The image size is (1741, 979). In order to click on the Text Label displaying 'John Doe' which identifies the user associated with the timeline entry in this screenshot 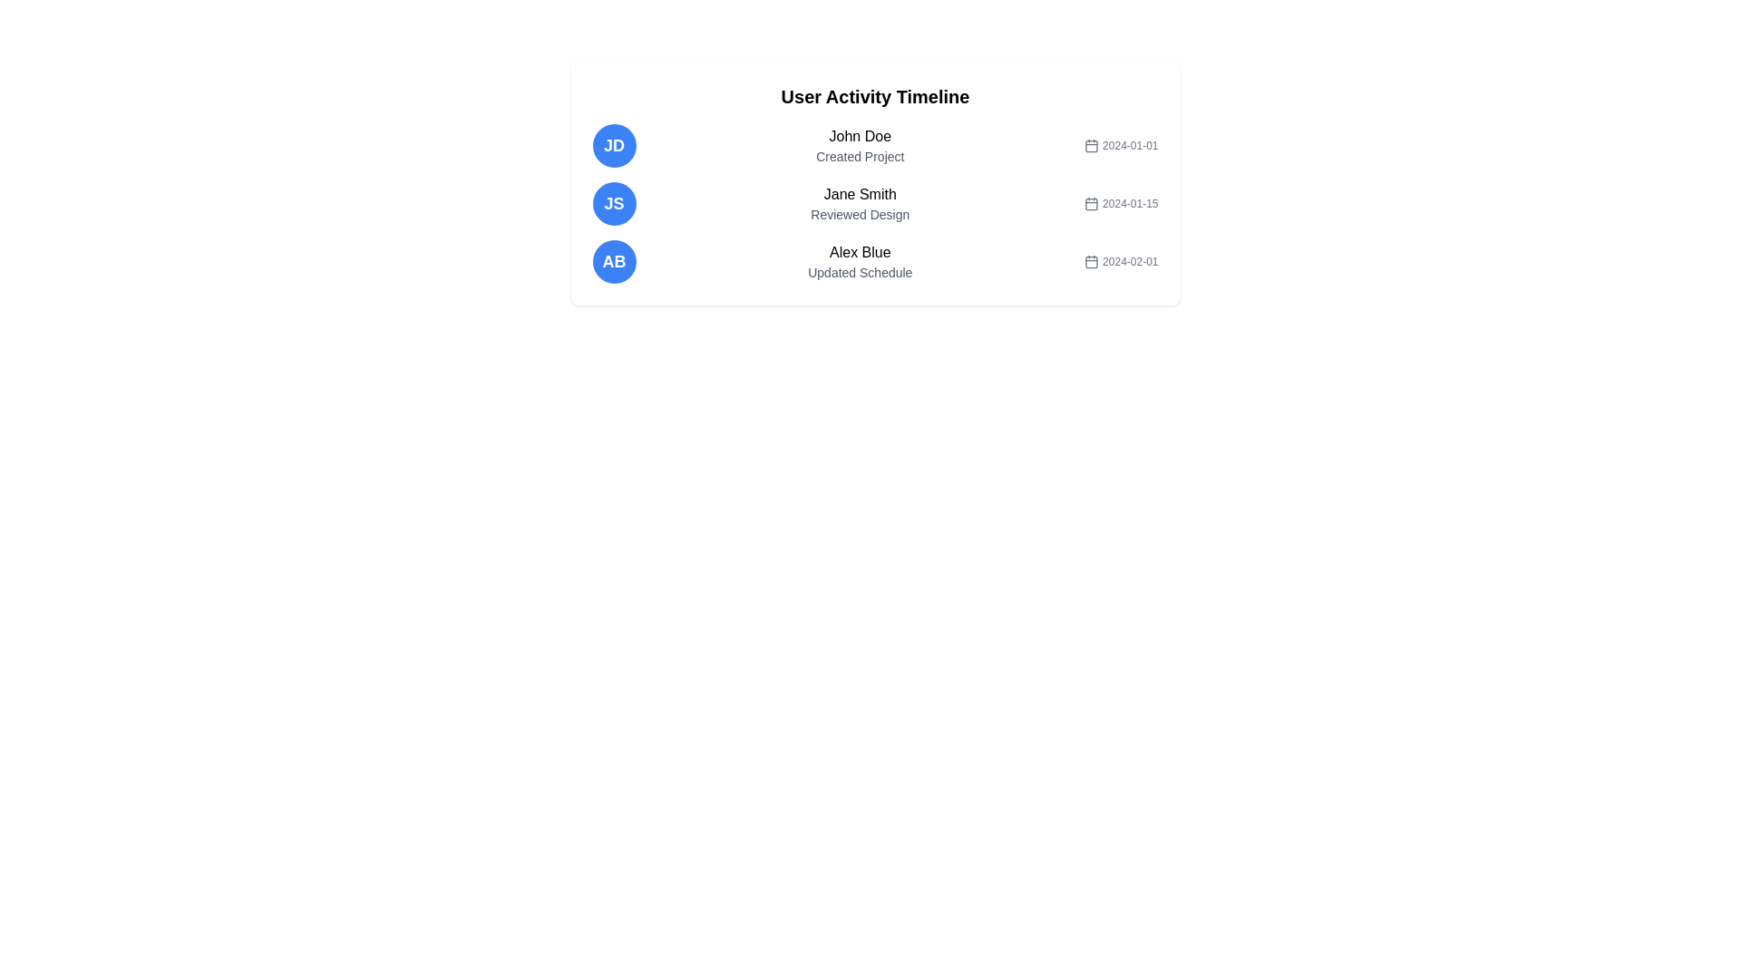, I will do `click(859, 135)`.